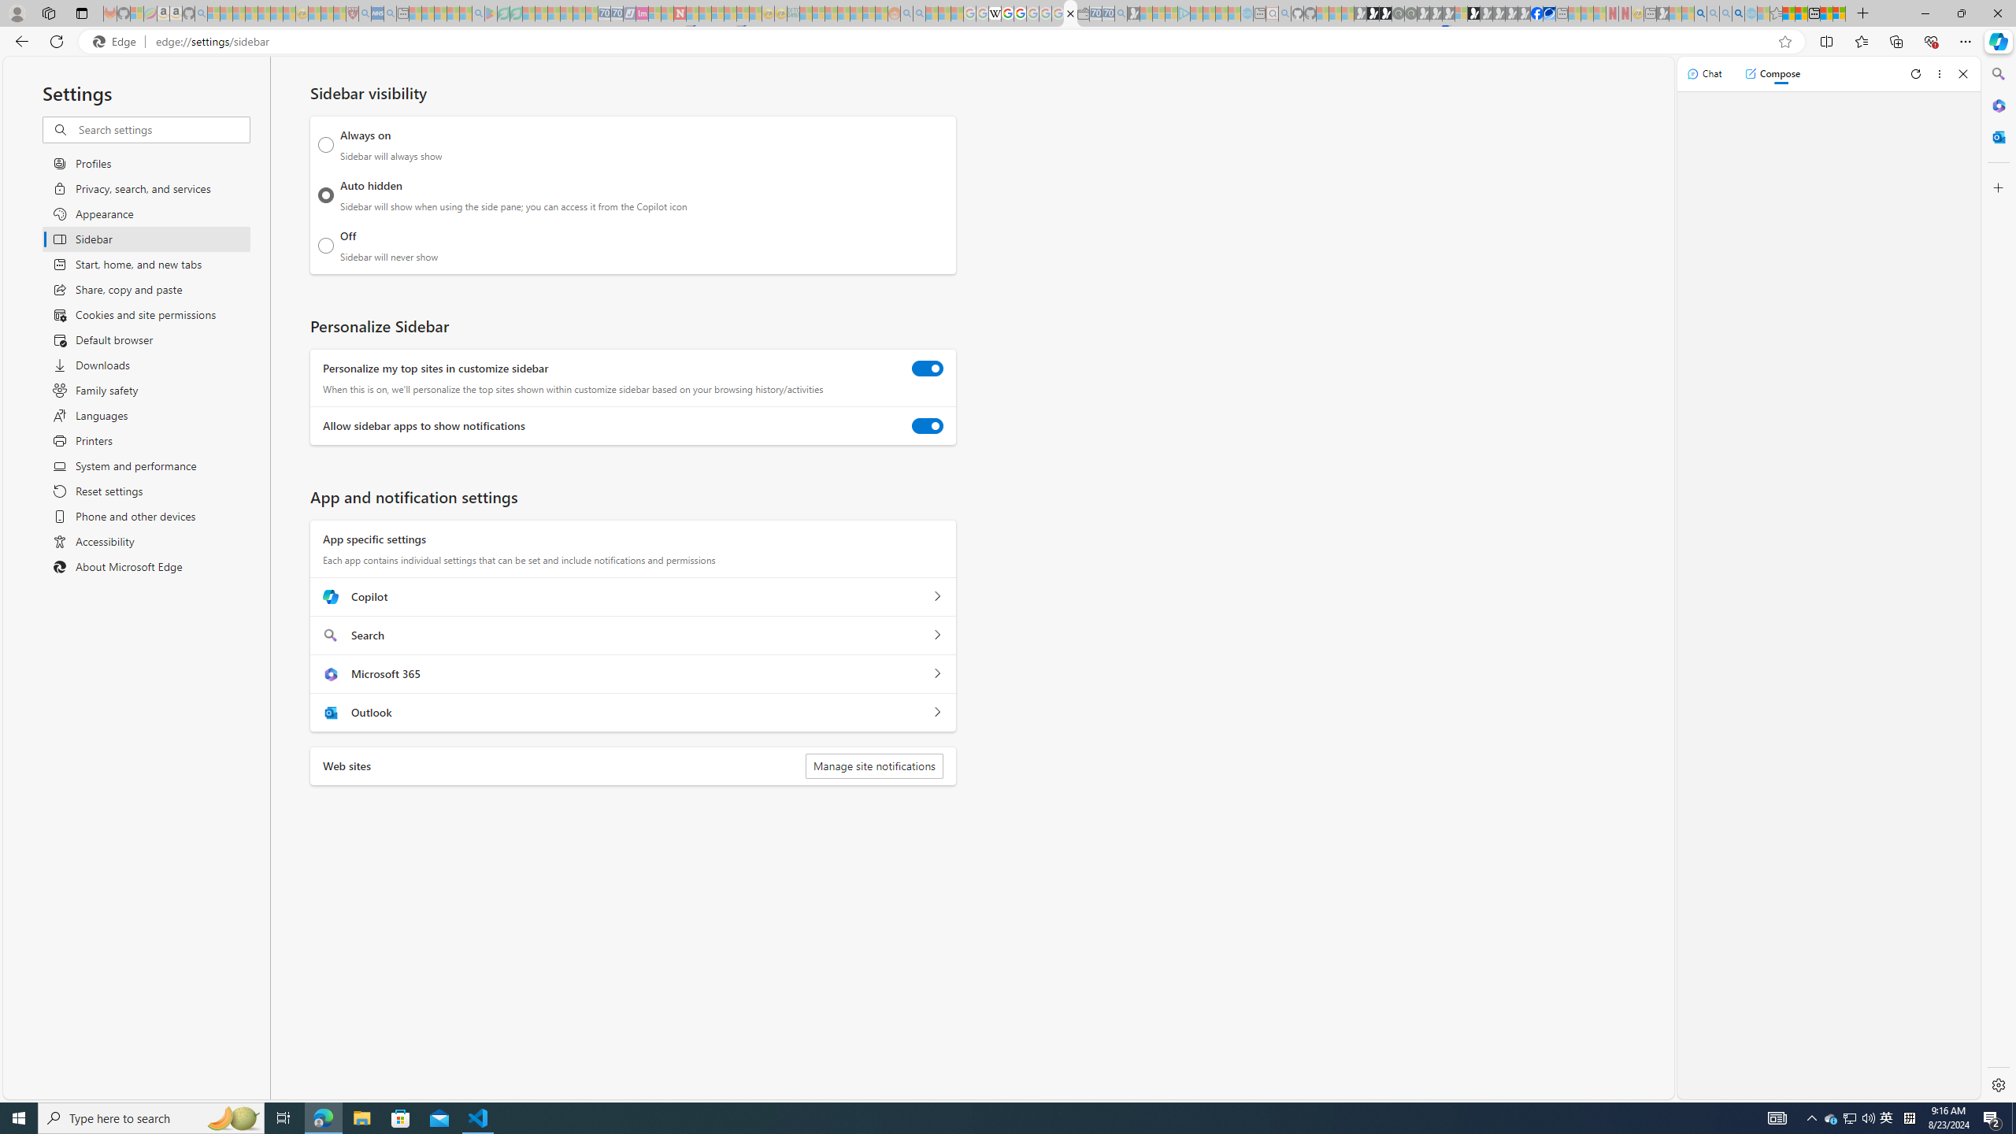 The image size is (2016, 1134). What do you see at coordinates (1120, 13) in the screenshot?
I see `'Bing Real Estate - Home sales and rental listings - Sleeping'` at bounding box center [1120, 13].